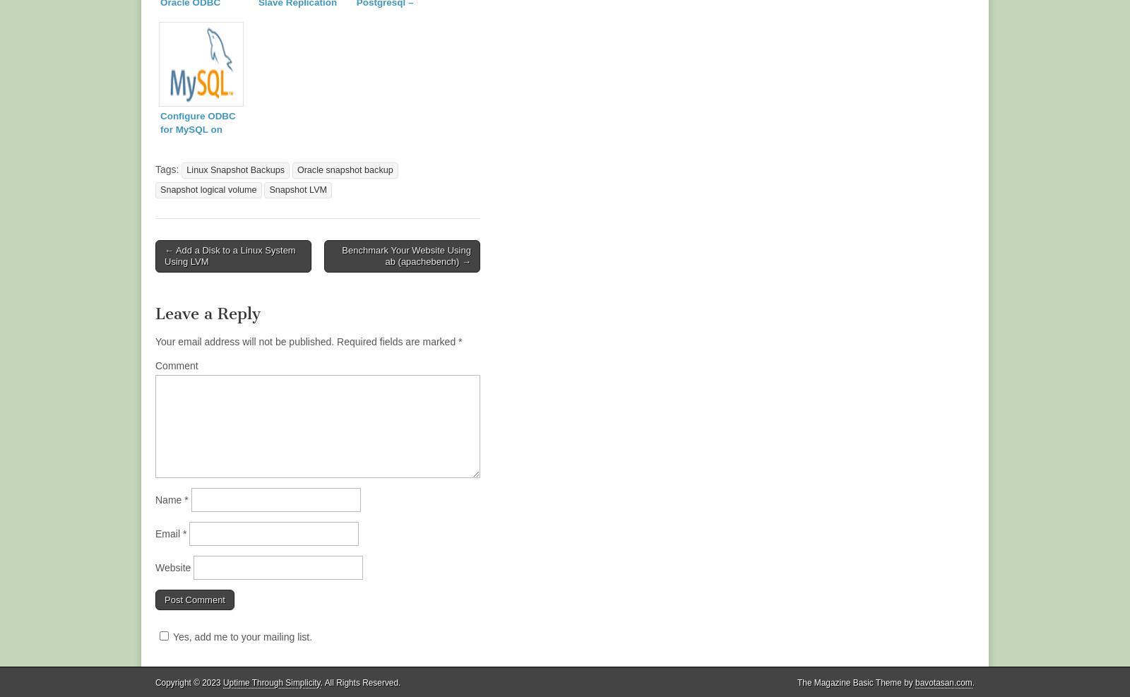 This screenshot has width=1130, height=697. I want to click on 'Website', so click(172, 567).